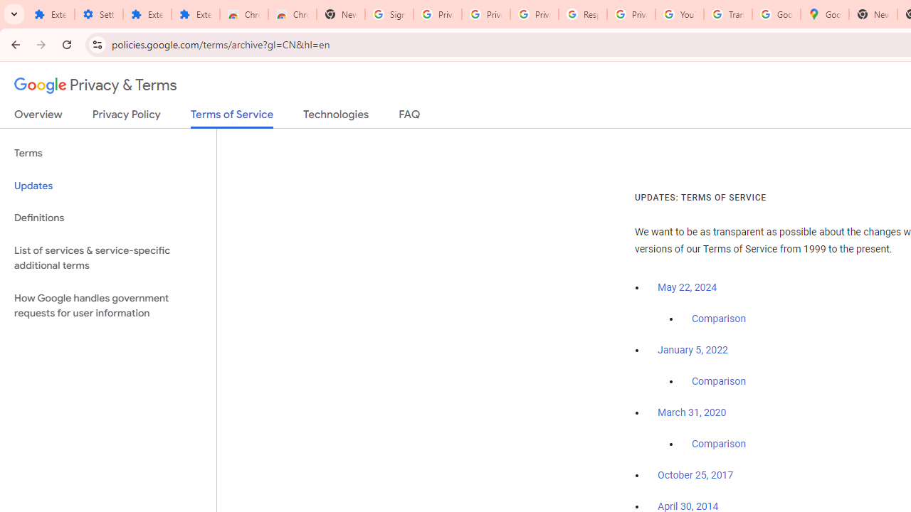  I want to click on 'Chrome Web Store', so click(244, 14).